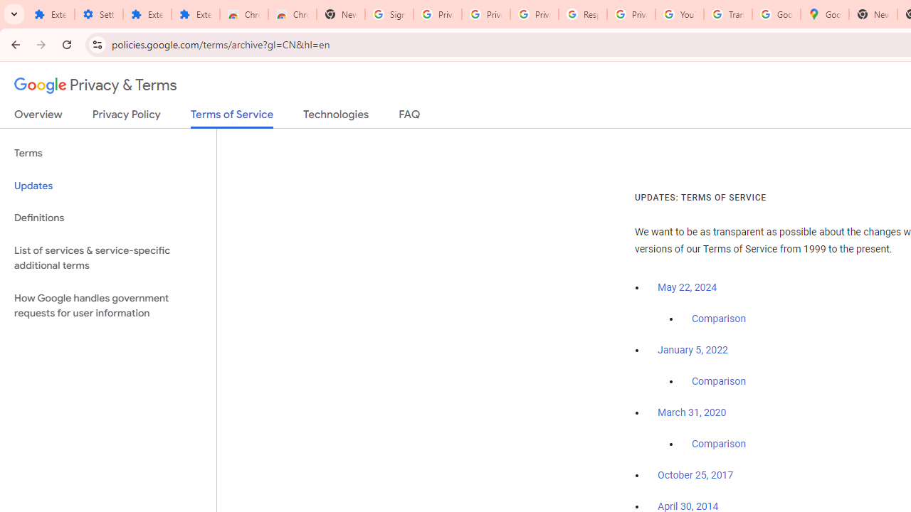  I want to click on 'Chrome Web Store', so click(244, 14).